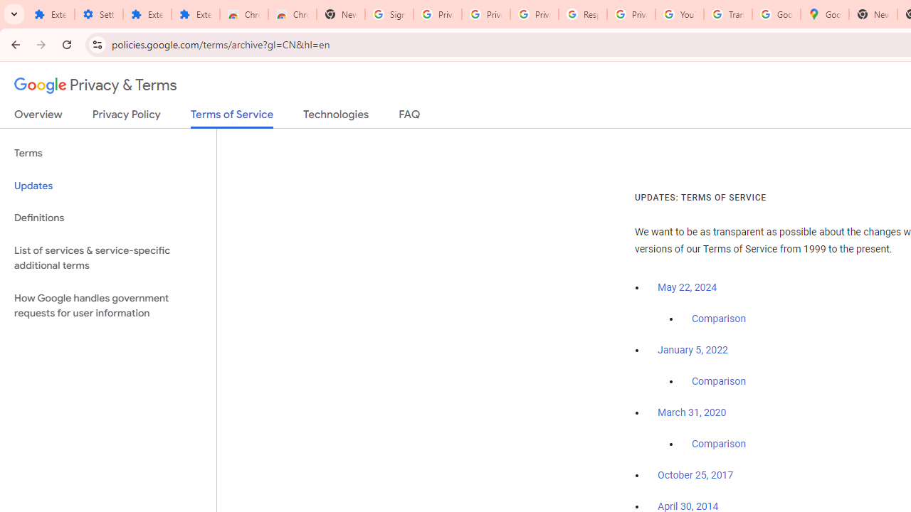  I want to click on 'Chrome Web Store', so click(244, 14).